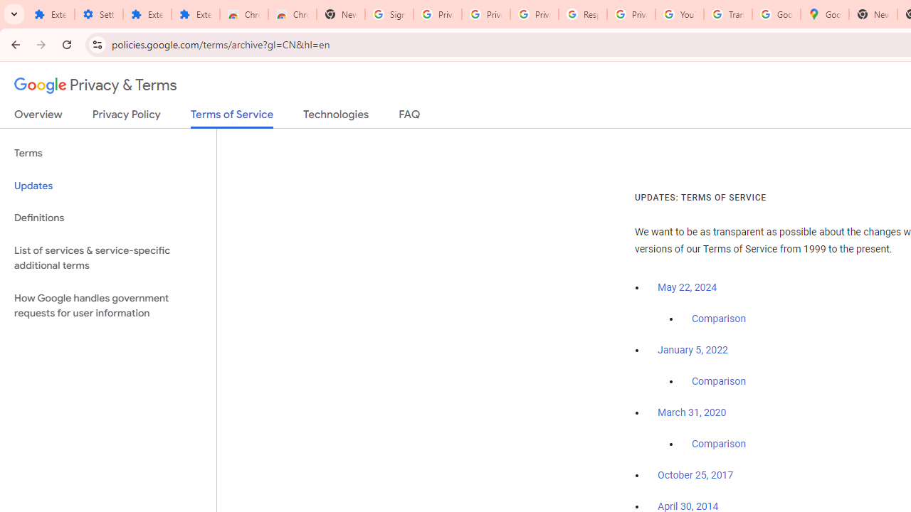  I want to click on 'Chrome Web Store', so click(244, 14).